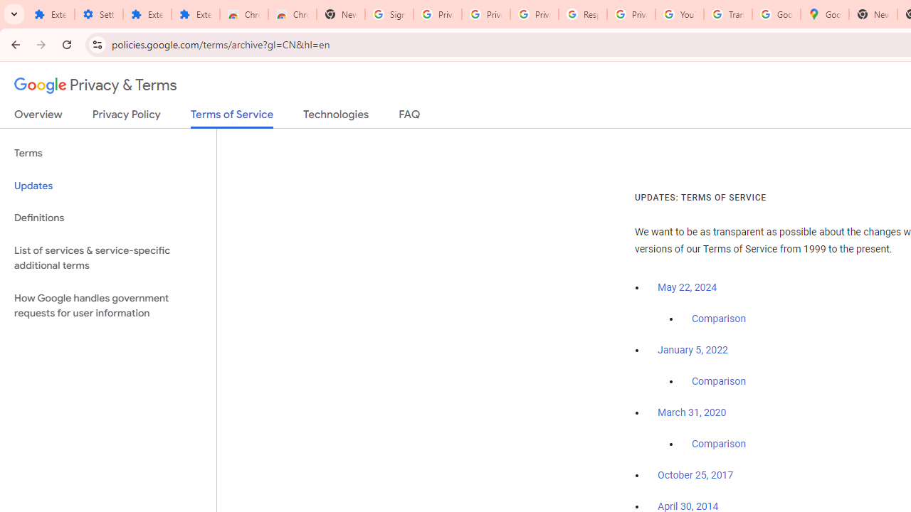  I want to click on 'Chrome Web Store', so click(244, 14).